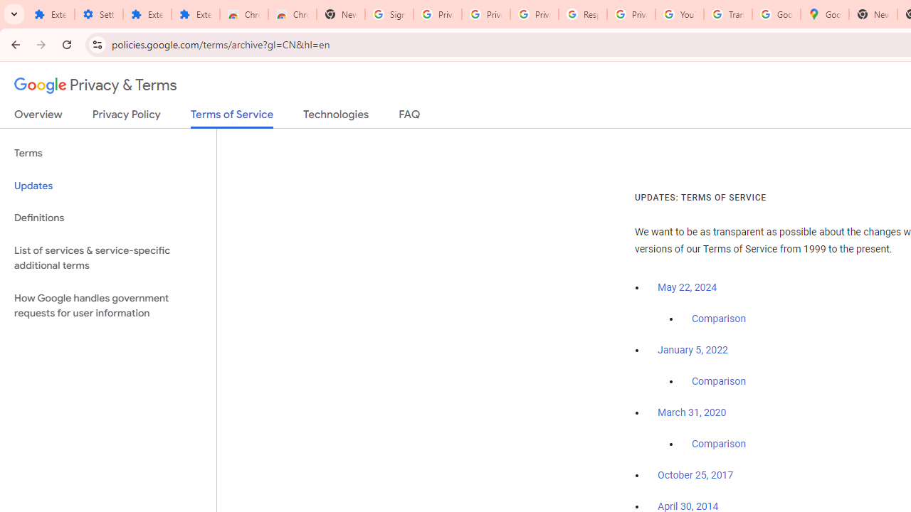  I want to click on 'Chrome Web Store', so click(244, 14).